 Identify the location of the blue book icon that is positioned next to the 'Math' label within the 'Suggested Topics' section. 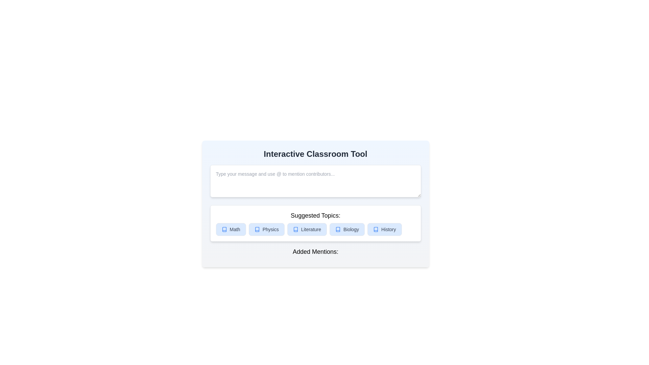
(224, 229).